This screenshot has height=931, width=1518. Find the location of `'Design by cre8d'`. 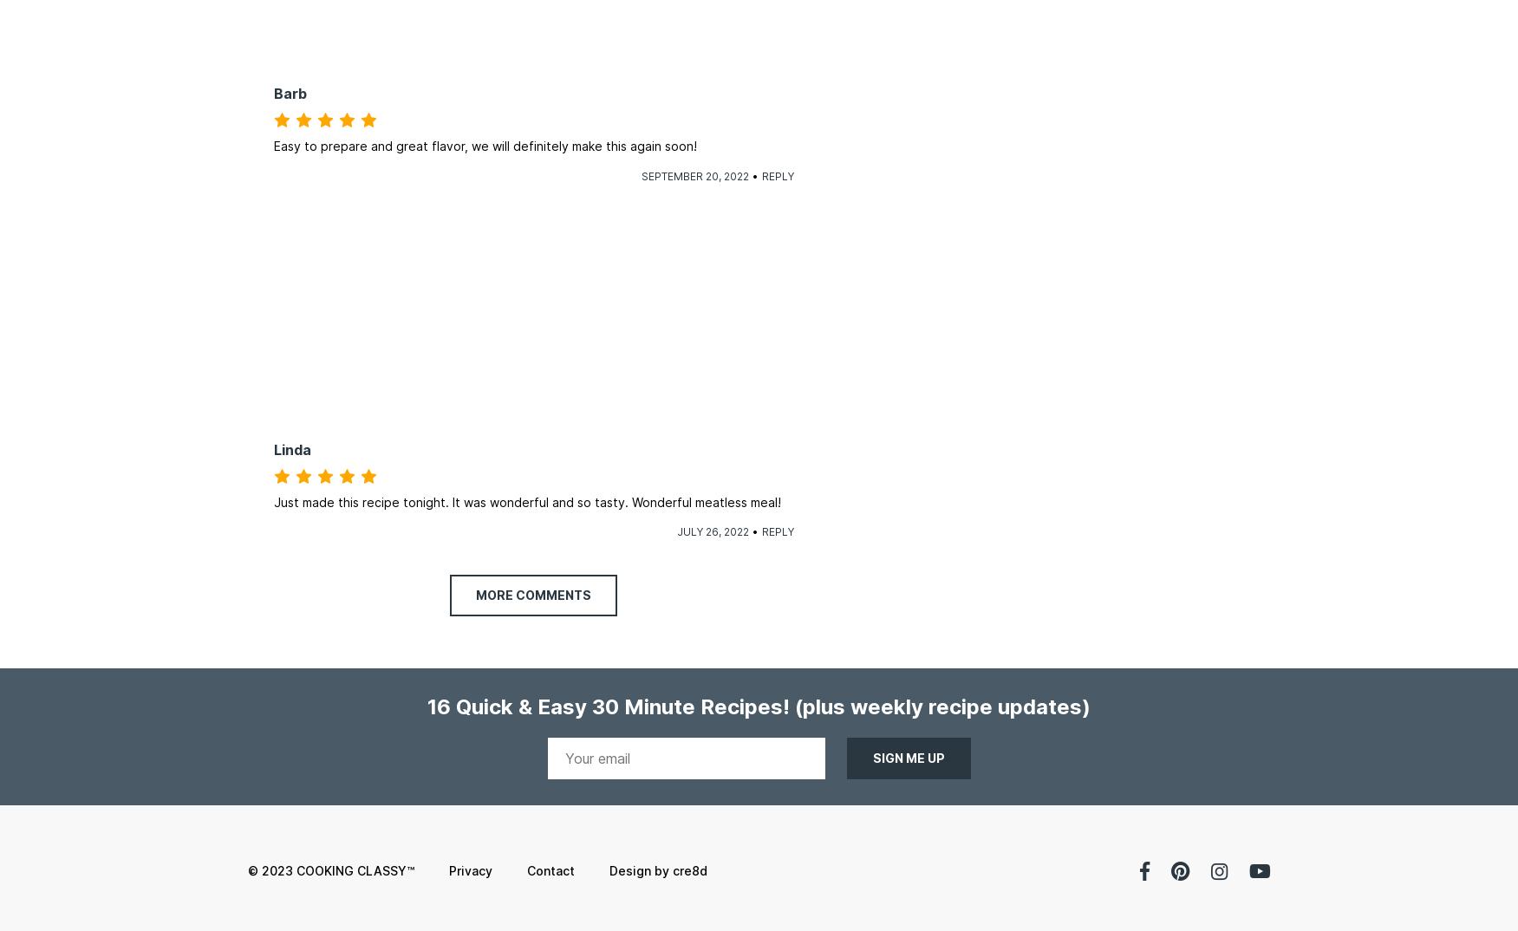

'Design by cre8d' is located at coordinates (656, 869).